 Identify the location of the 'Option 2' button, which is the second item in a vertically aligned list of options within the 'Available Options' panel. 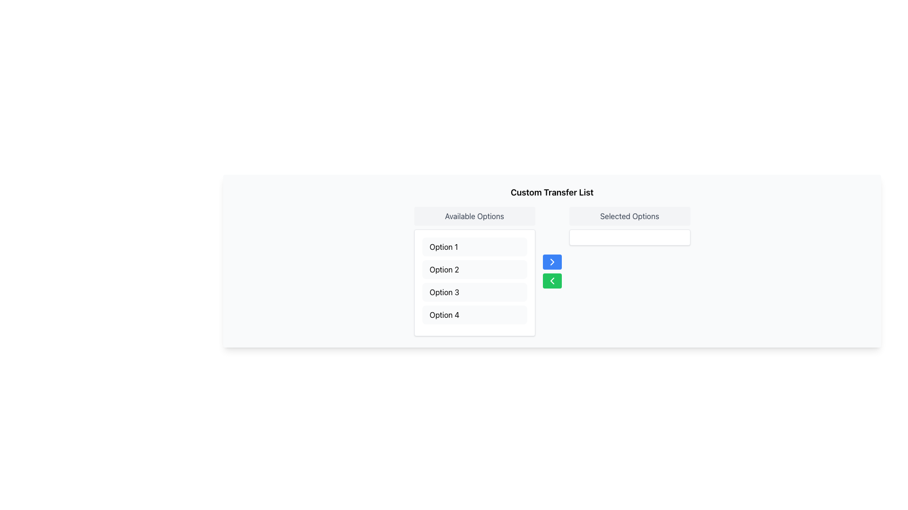
(474, 269).